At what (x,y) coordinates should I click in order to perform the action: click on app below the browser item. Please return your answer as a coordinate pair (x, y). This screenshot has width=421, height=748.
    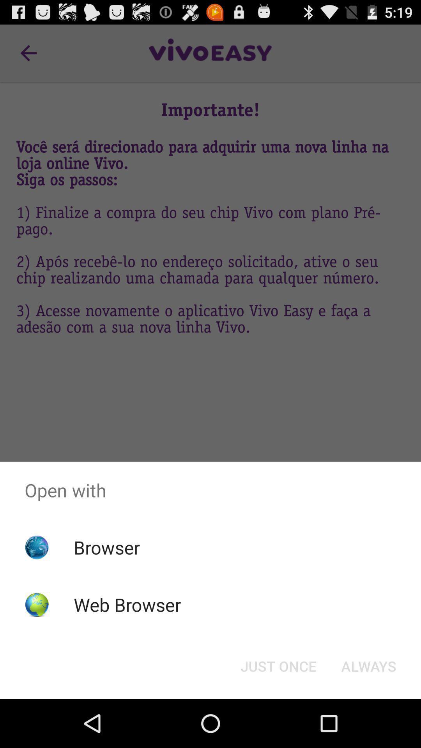
    Looking at the image, I should click on (127, 604).